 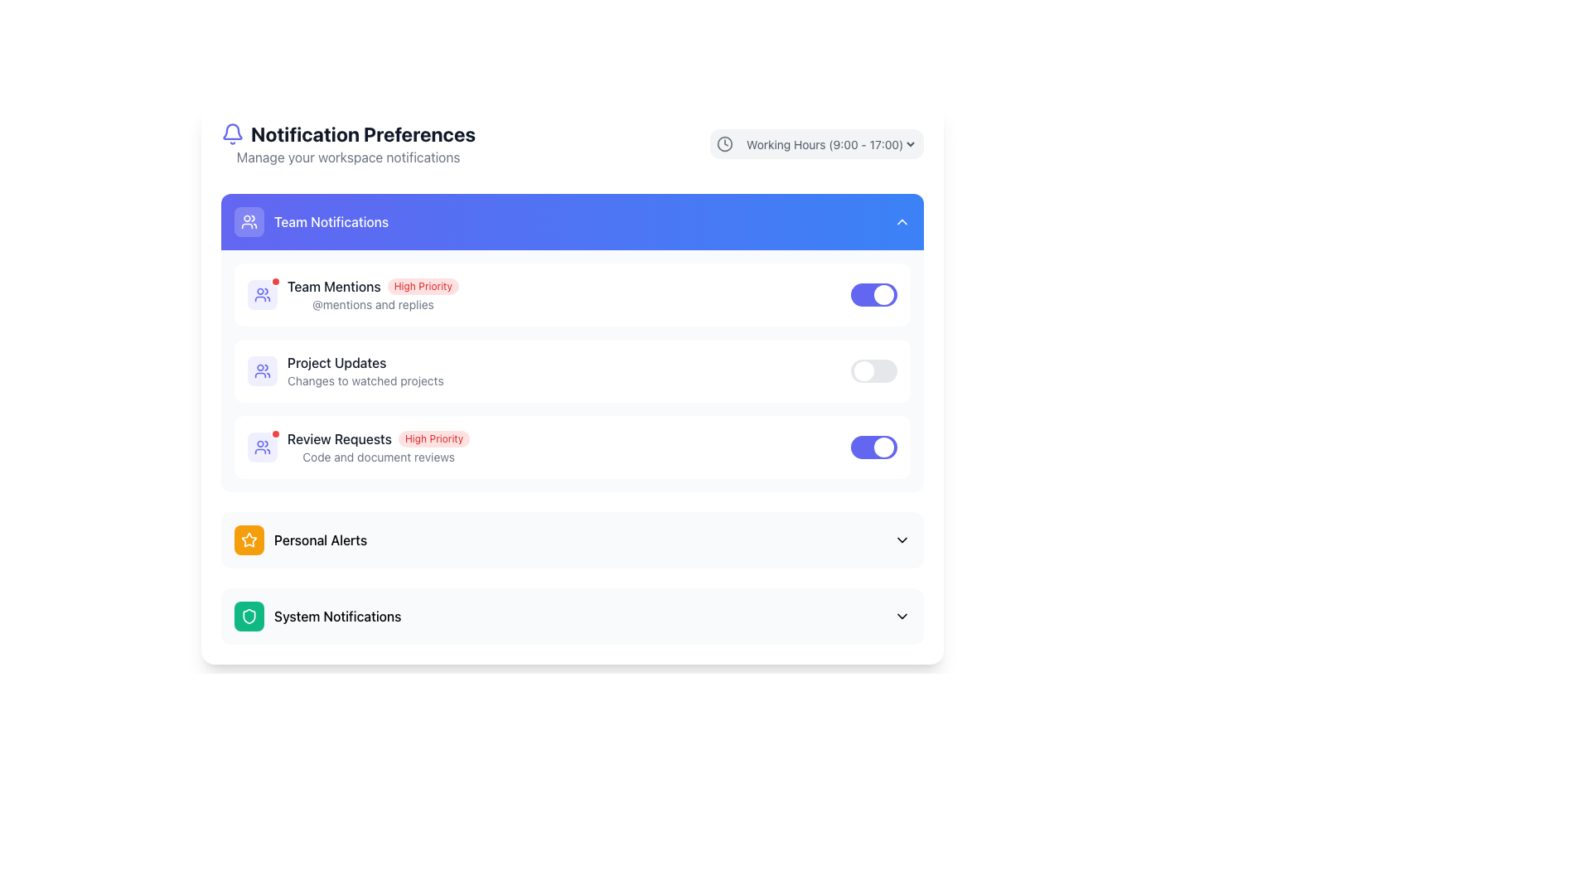 What do you see at coordinates (902, 220) in the screenshot?
I see `the upward-pointing chevron icon with white strokes against a blue background located at the far right end of the 'Team Notifications' header section` at bounding box center [902, 220].